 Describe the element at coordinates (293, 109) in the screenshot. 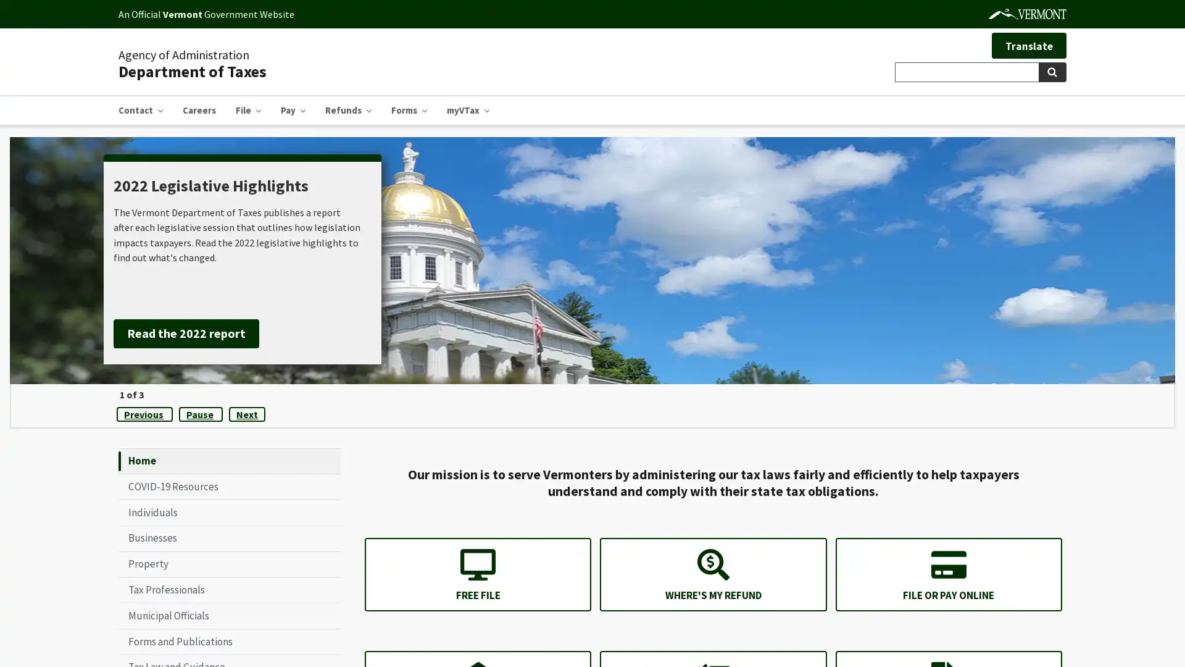

I see `Pay` at that location.